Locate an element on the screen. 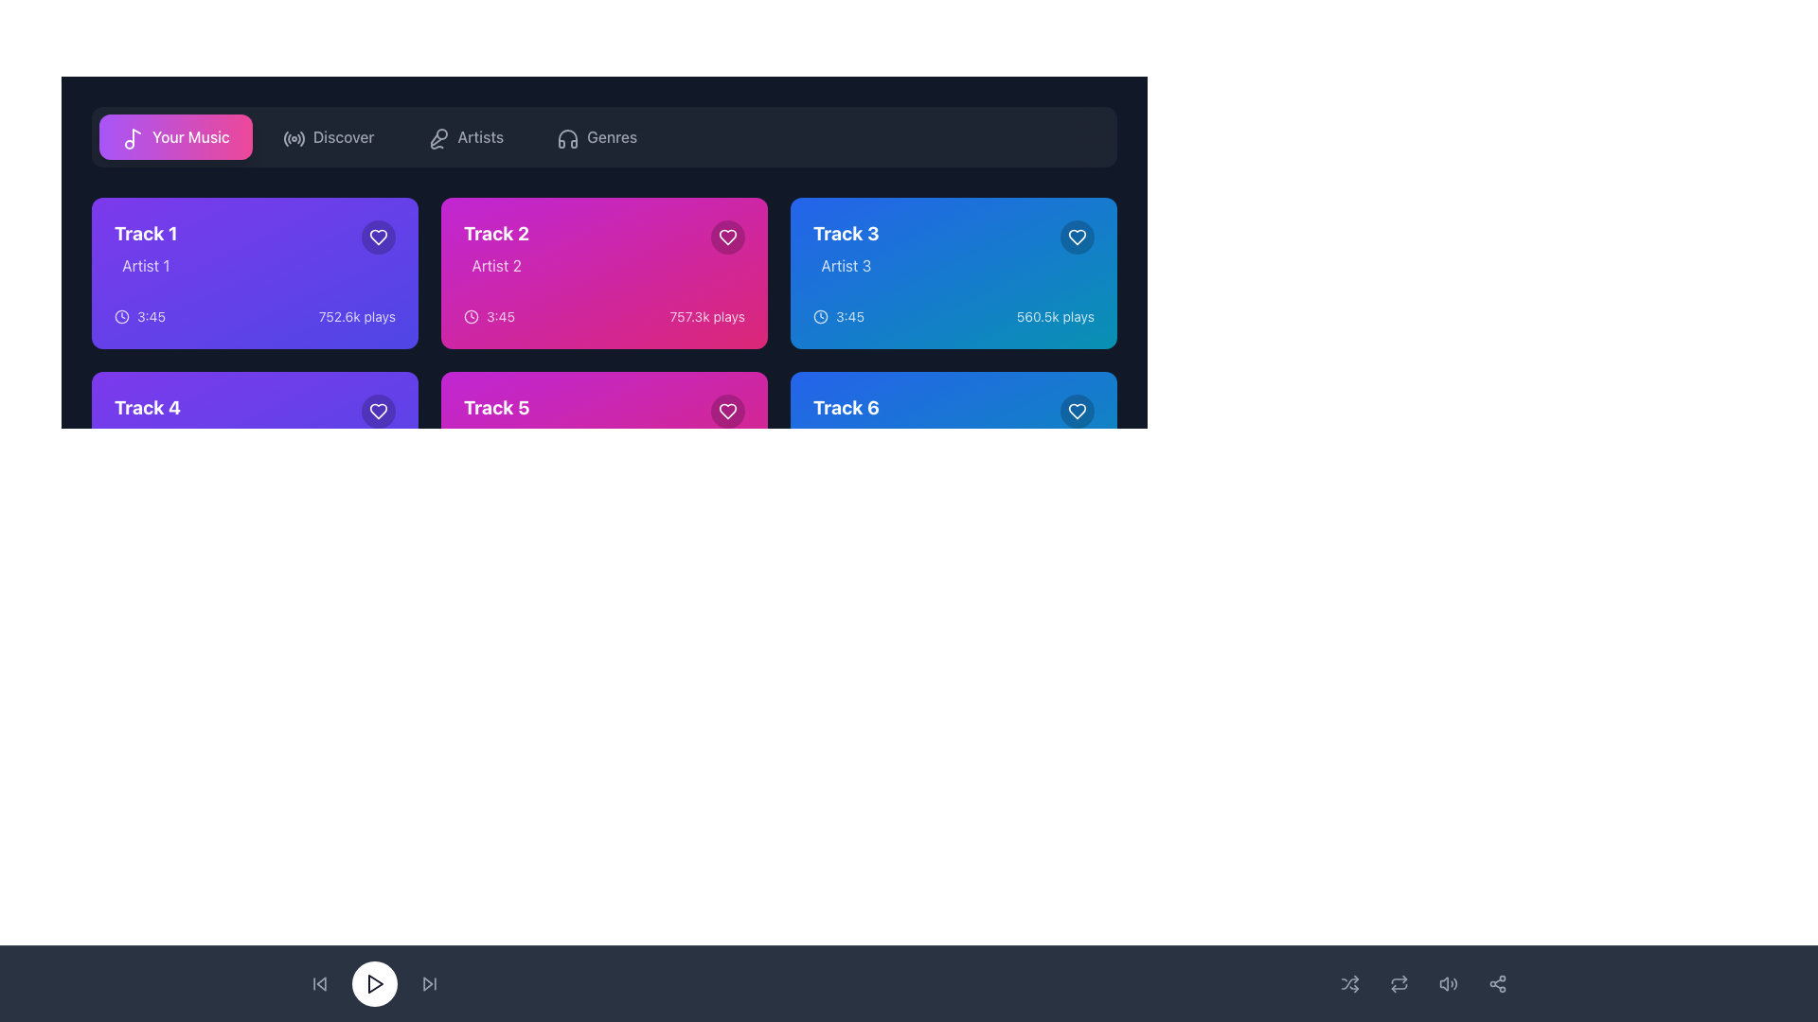 The height and width of the screenshot is (1022, 1818). the 'Genres' navigation icon in the top navigation bar is located at coordinates (567, 137).